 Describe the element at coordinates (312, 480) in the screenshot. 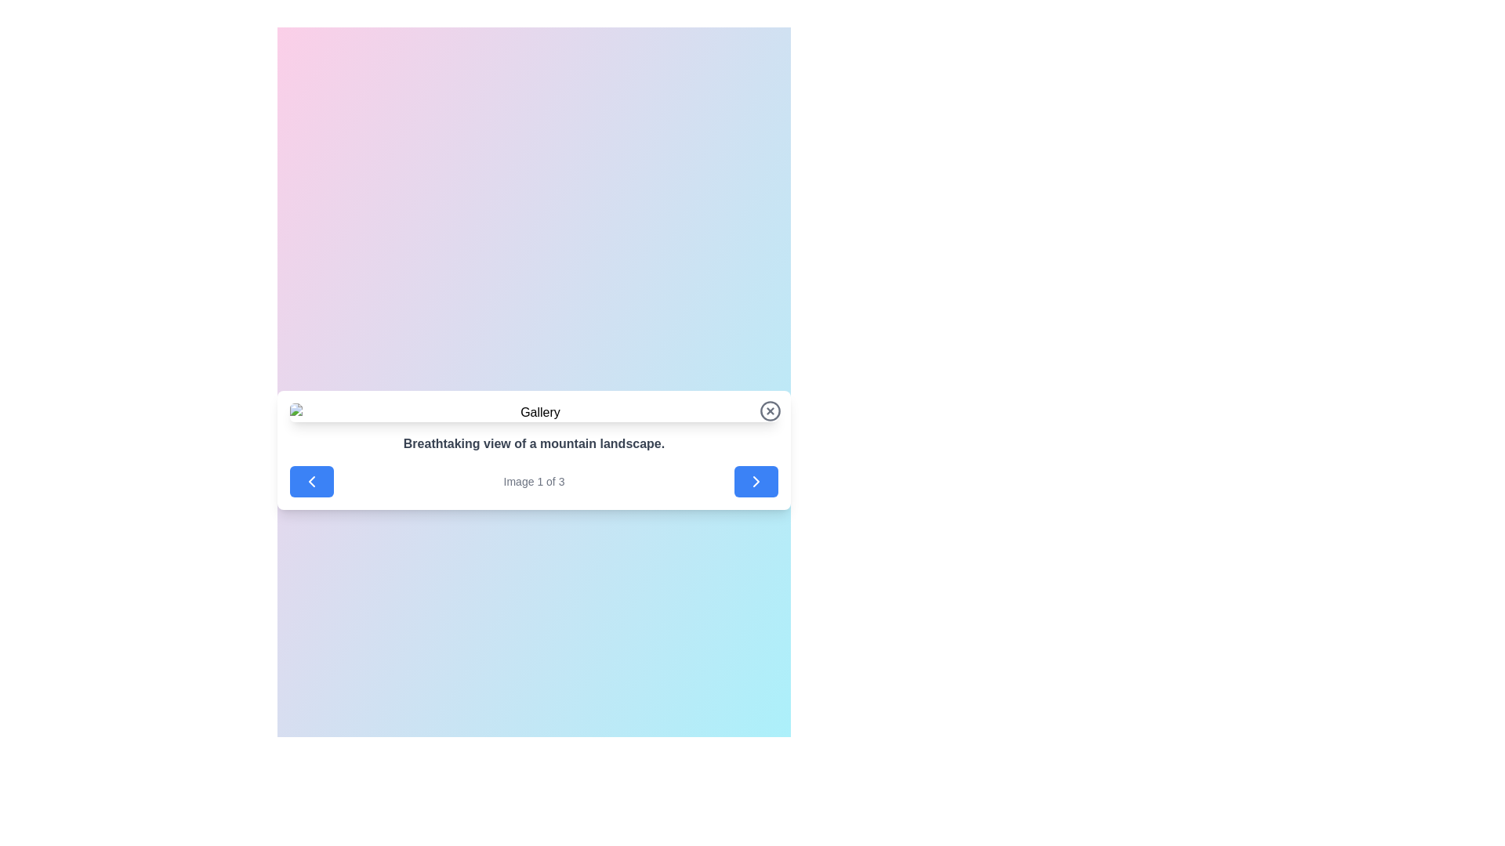

I see `the left-pointing chevron icon, which is centered within a blue button with rounded corners located at the bottom-left of the gallery interface` at that location.